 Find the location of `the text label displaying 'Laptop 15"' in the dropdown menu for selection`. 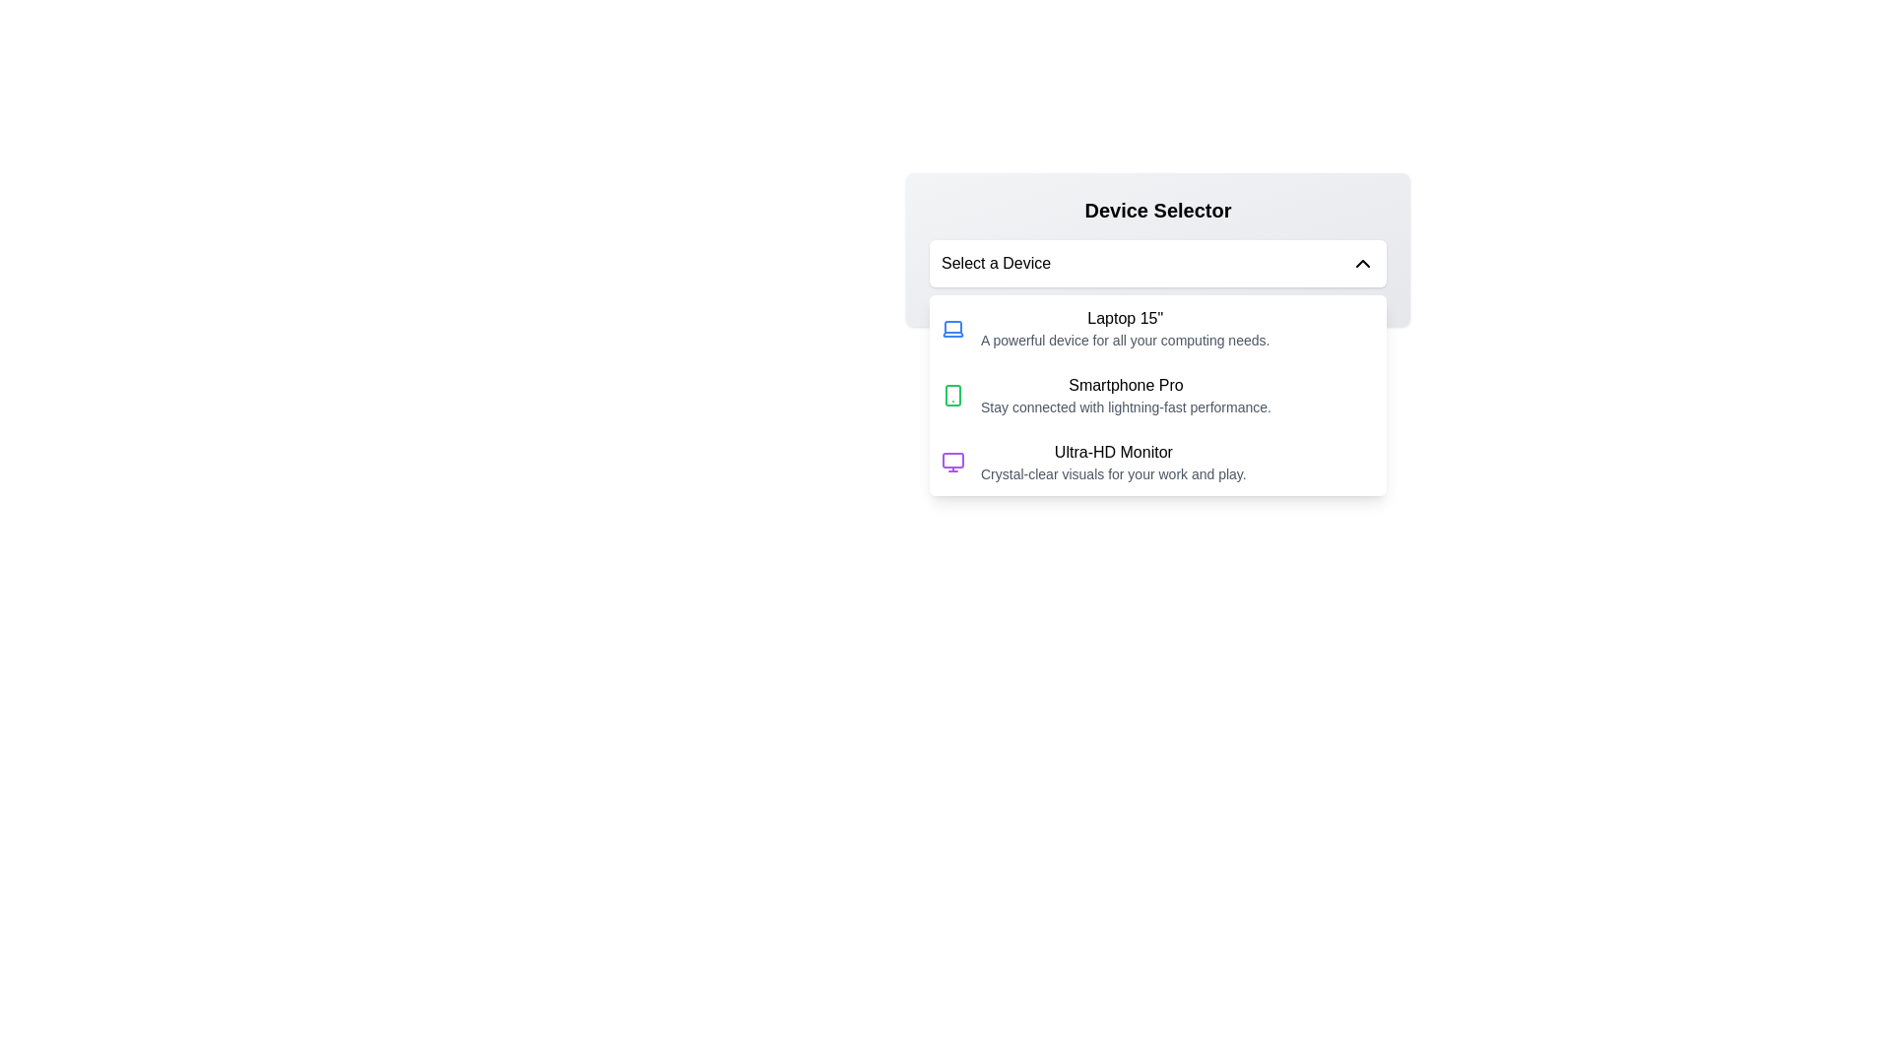

the text label displaying 'Laptop 15"' in the dropdown menu for selection is located at coordinates (1125, 318).